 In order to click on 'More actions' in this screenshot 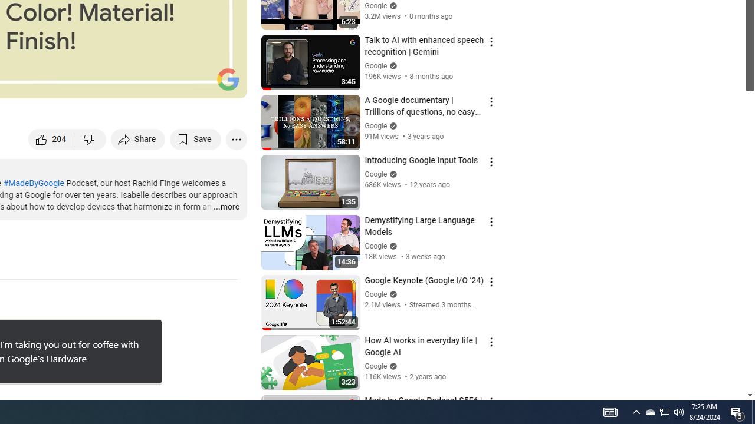, I will do `click(236, 138)`.